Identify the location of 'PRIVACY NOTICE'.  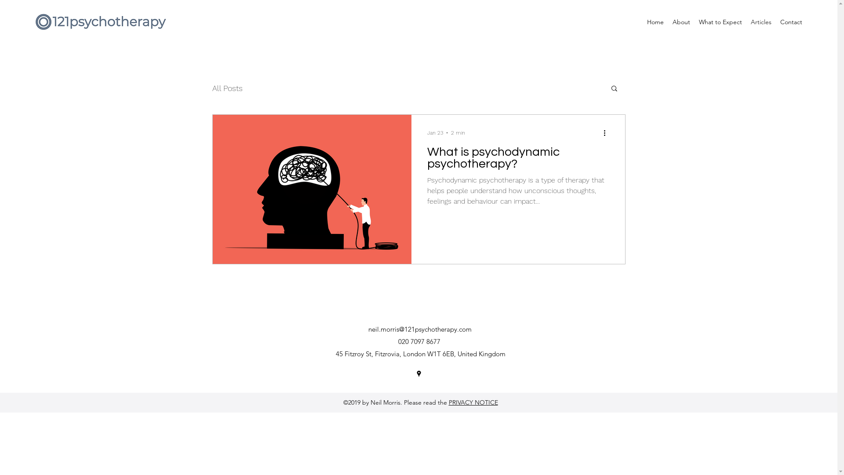
(472, 402).